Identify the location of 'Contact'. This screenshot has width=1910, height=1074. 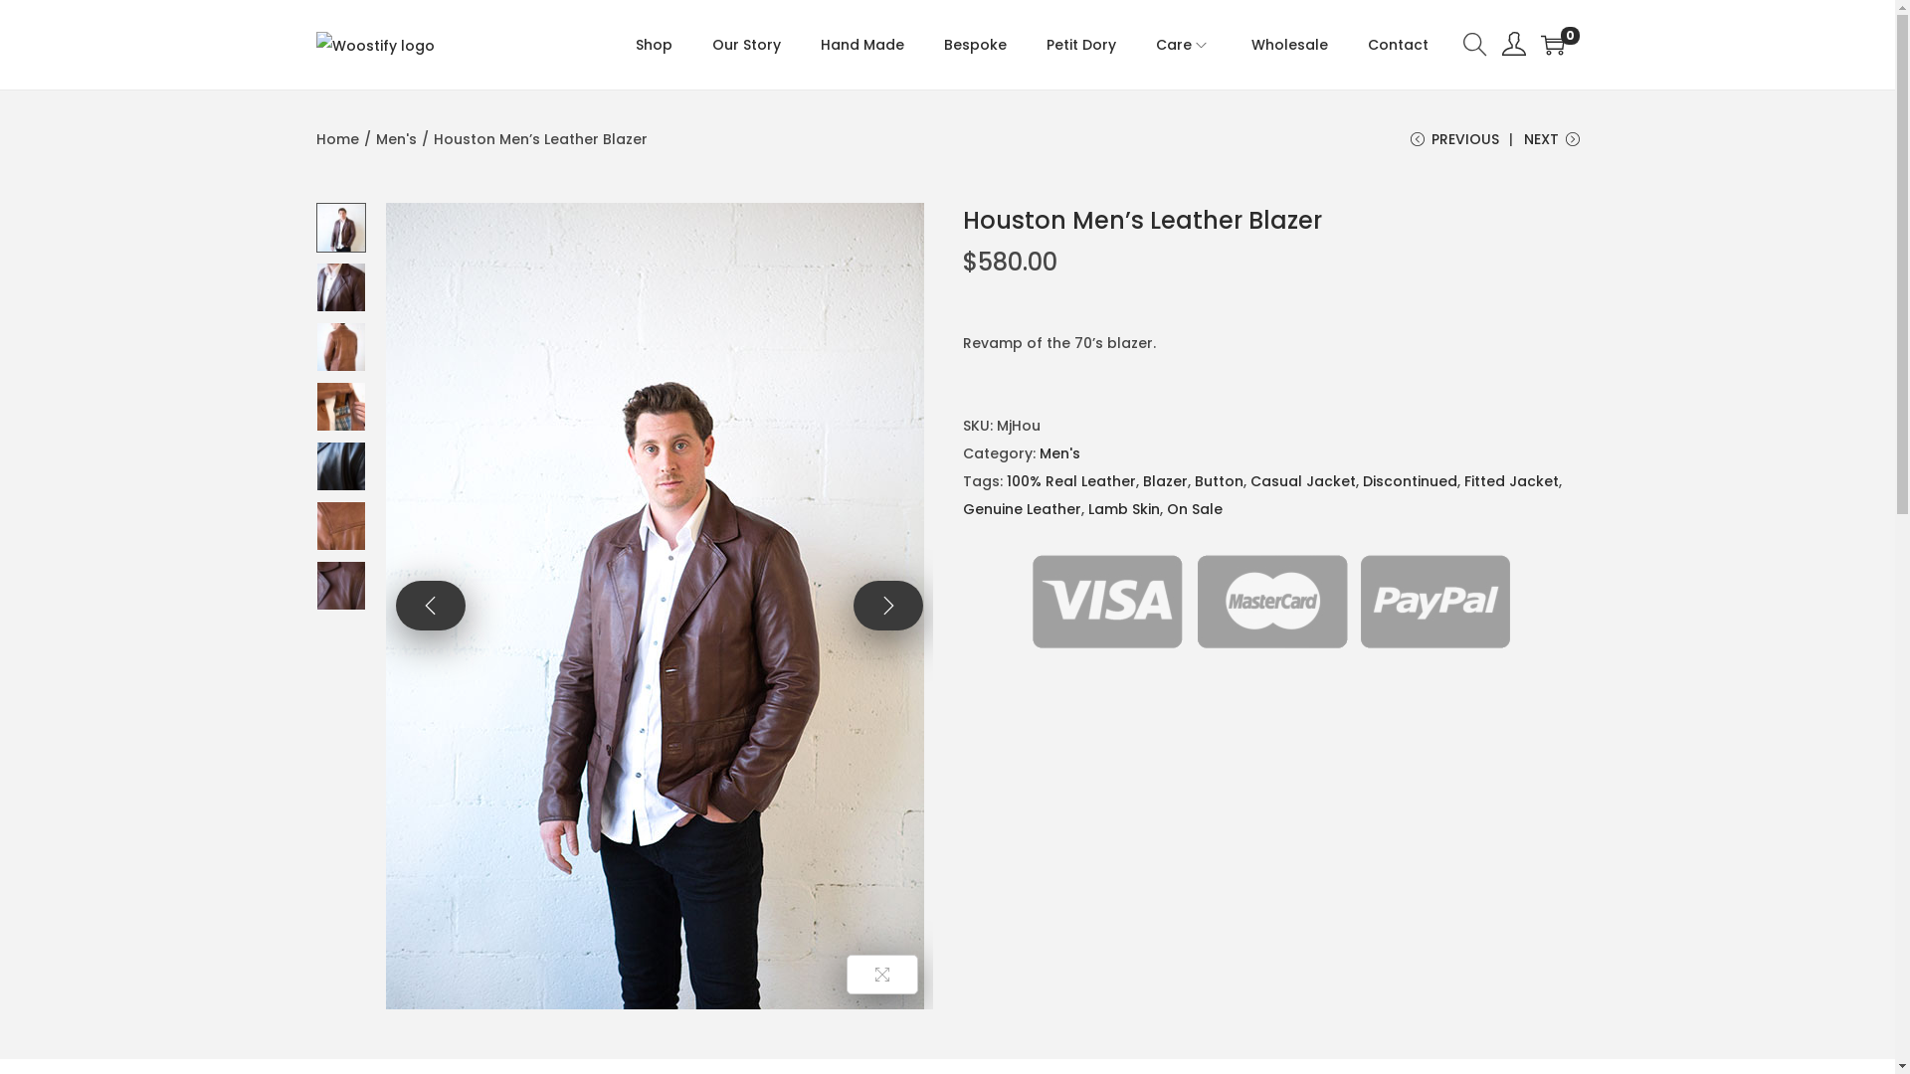
(1396, 45).